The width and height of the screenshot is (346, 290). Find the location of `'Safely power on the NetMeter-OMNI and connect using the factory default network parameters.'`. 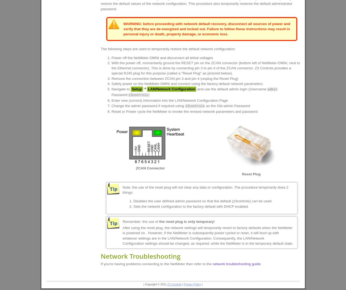

'Safely power on the NetMeter-OMNI and connect using the factory default network parameters.' is located at coordinates (187, 83).